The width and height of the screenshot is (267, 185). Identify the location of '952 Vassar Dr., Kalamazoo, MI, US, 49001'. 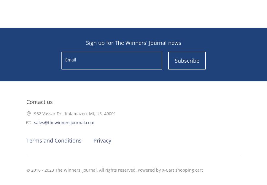
(74, 113).